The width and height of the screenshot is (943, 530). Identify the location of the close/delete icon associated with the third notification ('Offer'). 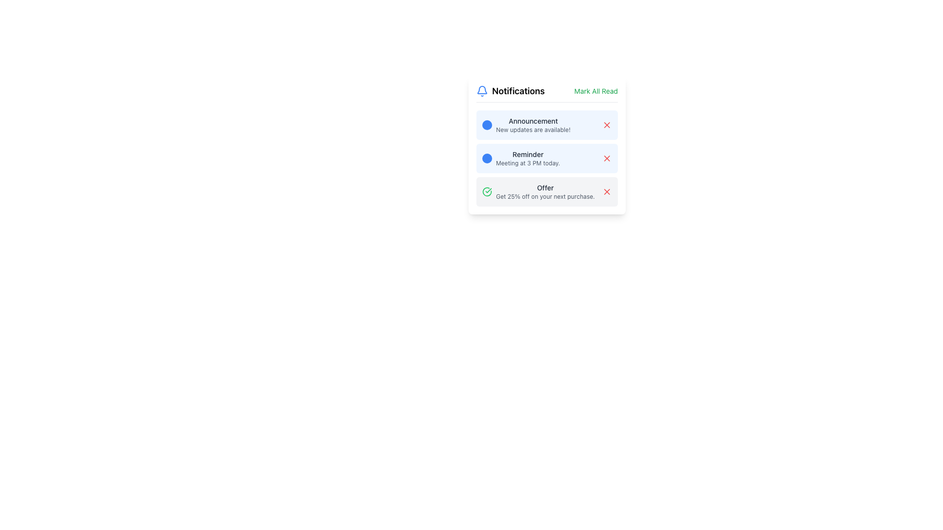
(607, 191).